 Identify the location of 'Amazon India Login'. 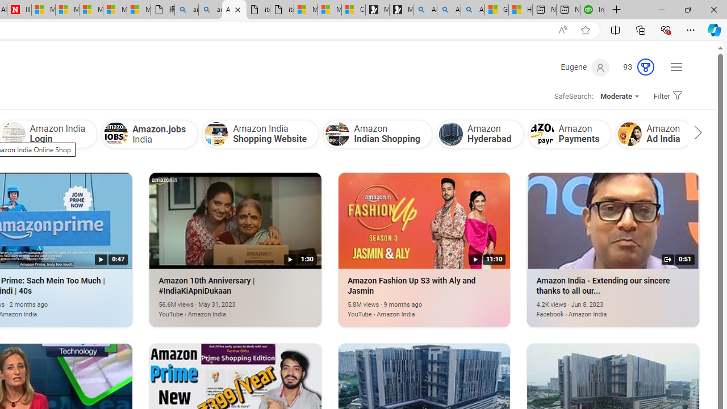
(13, 133).